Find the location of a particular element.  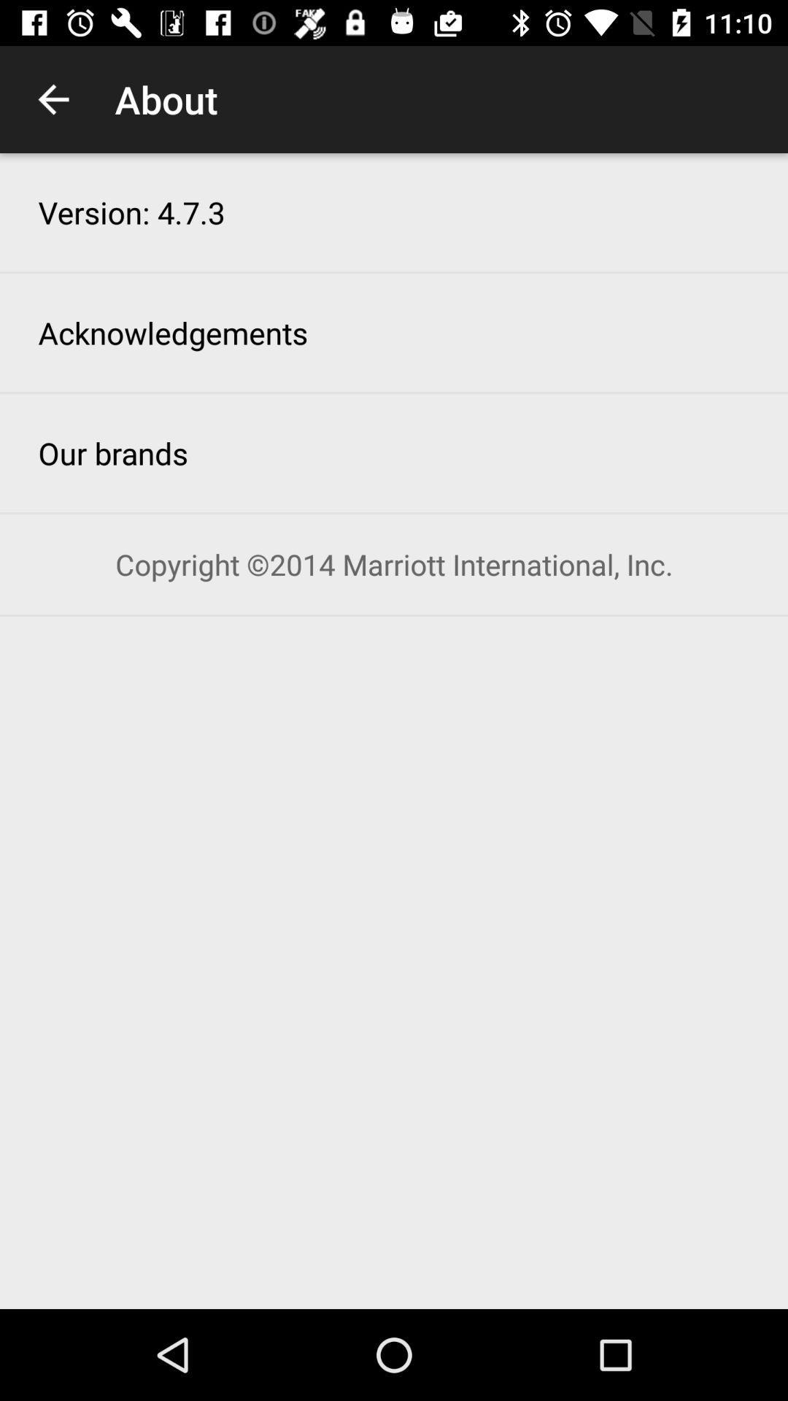

acknowledgements is located at coordinates (172, 332).